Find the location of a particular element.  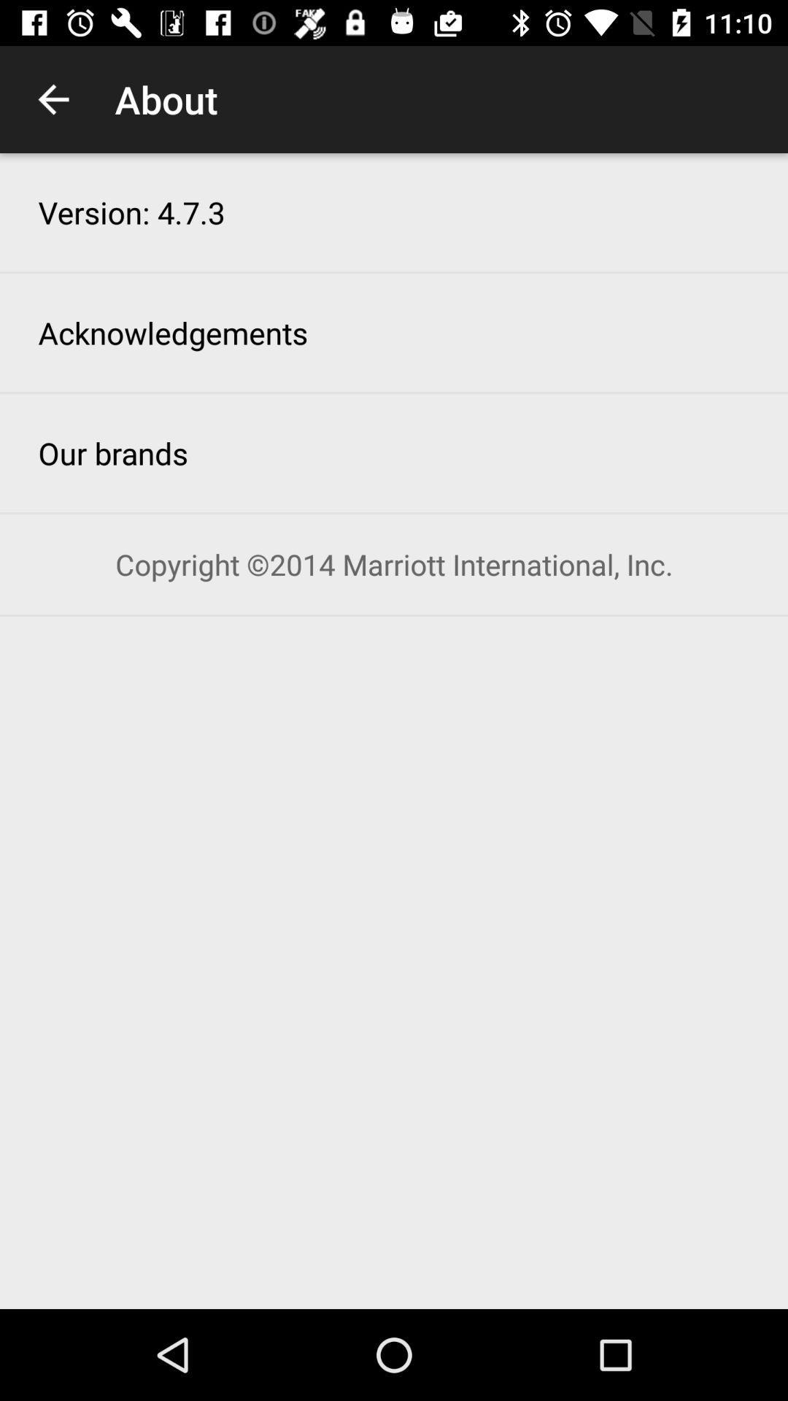

acknowledgements is located at coordinates (172, 332).